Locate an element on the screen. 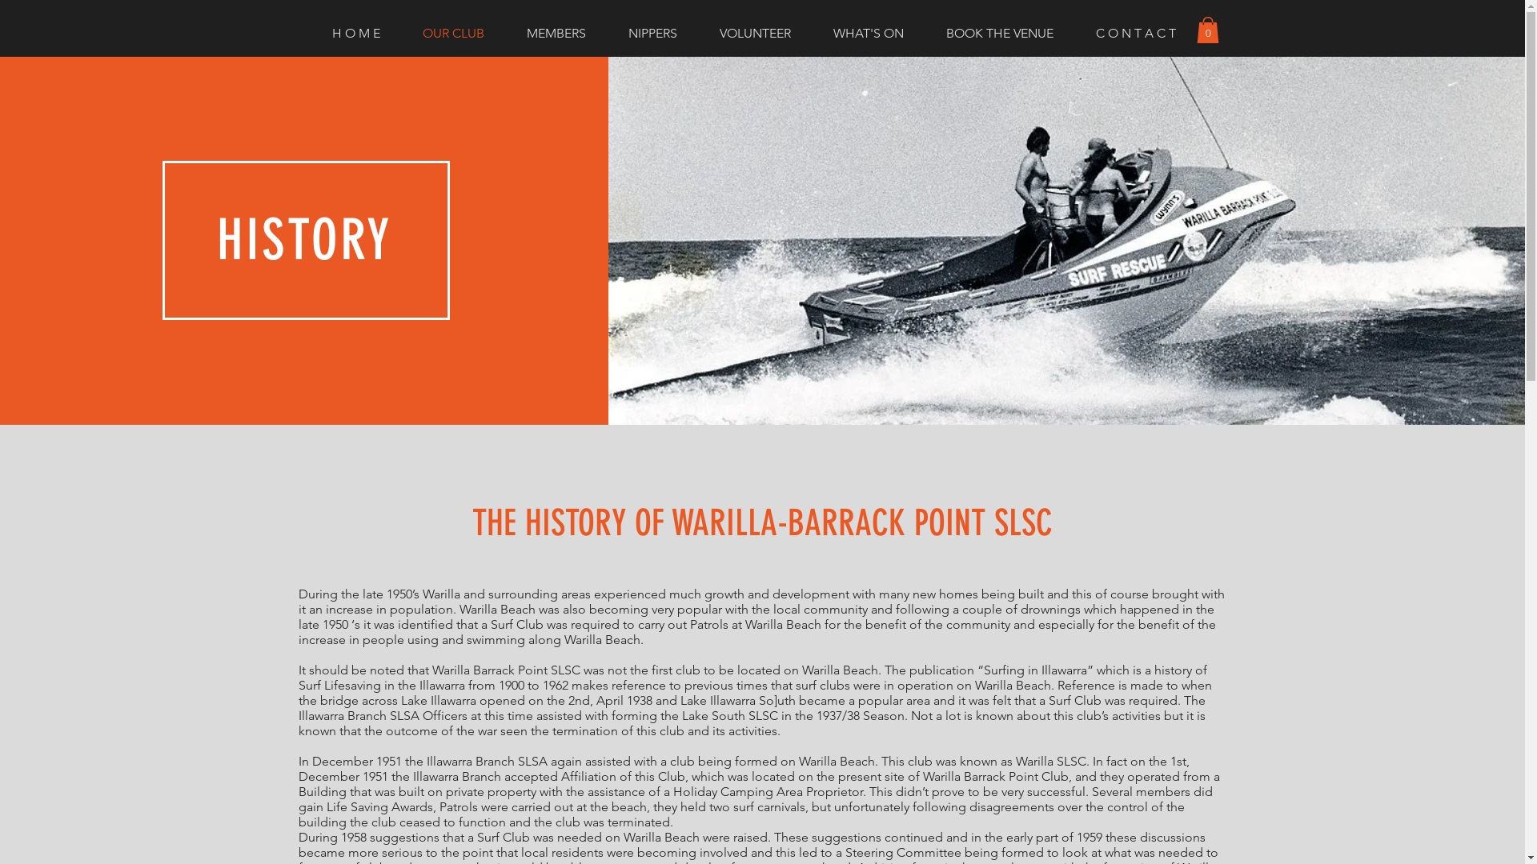 The width and height of the screenshot is (1537, 864). 'BOOK THE VENUE' is located at coordinates (1007, 34).